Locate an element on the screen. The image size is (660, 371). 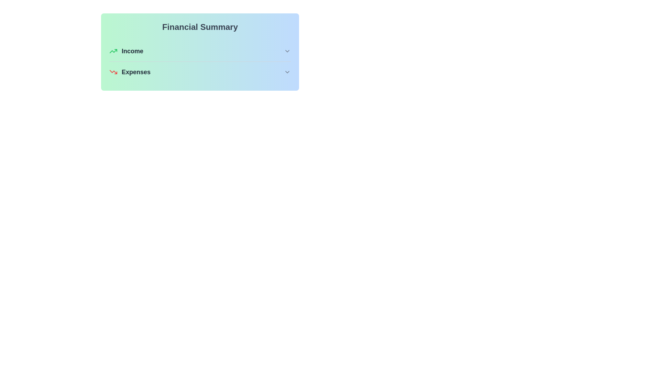
the downward trending red arrow icon located to the left of the 'Expenses' text in the Financial Summary section, which indicates a decrease or downward trend is located at coordinates (113, 72).